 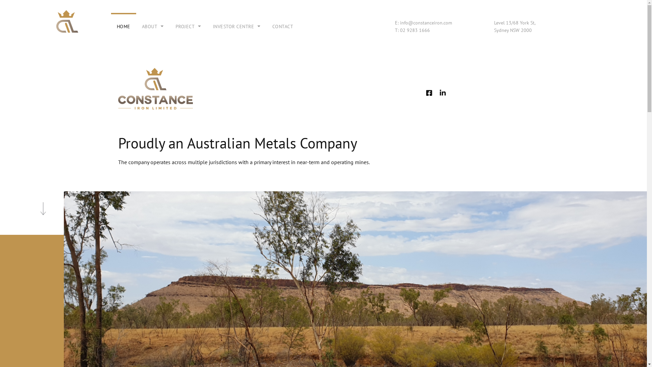 What do you see at coordinates (124, 26) in the screenshot?
I see `'HOME'` at bounding box center [124, 26].